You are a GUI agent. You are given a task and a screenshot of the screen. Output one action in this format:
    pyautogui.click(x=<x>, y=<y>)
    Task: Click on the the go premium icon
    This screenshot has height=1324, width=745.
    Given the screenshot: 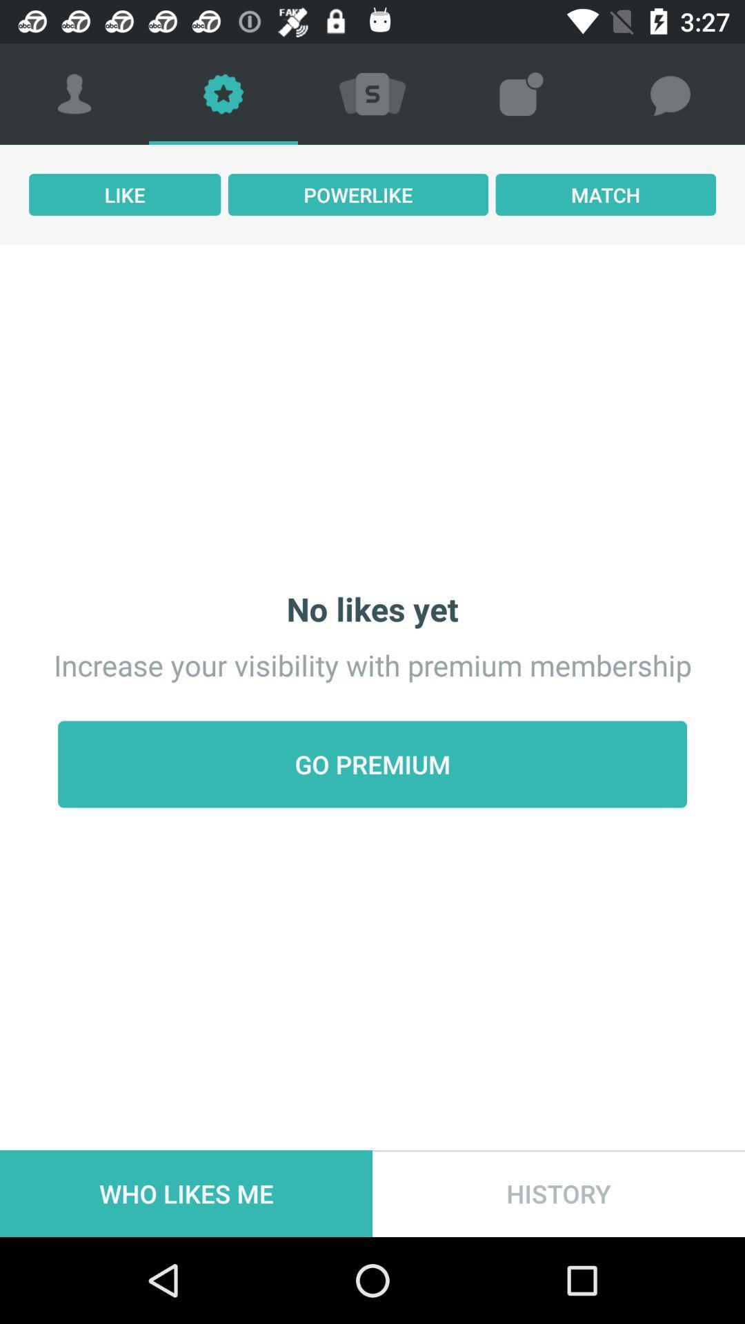 What is the action you would take?
    pyautogui.click(x=372, y=763)
    